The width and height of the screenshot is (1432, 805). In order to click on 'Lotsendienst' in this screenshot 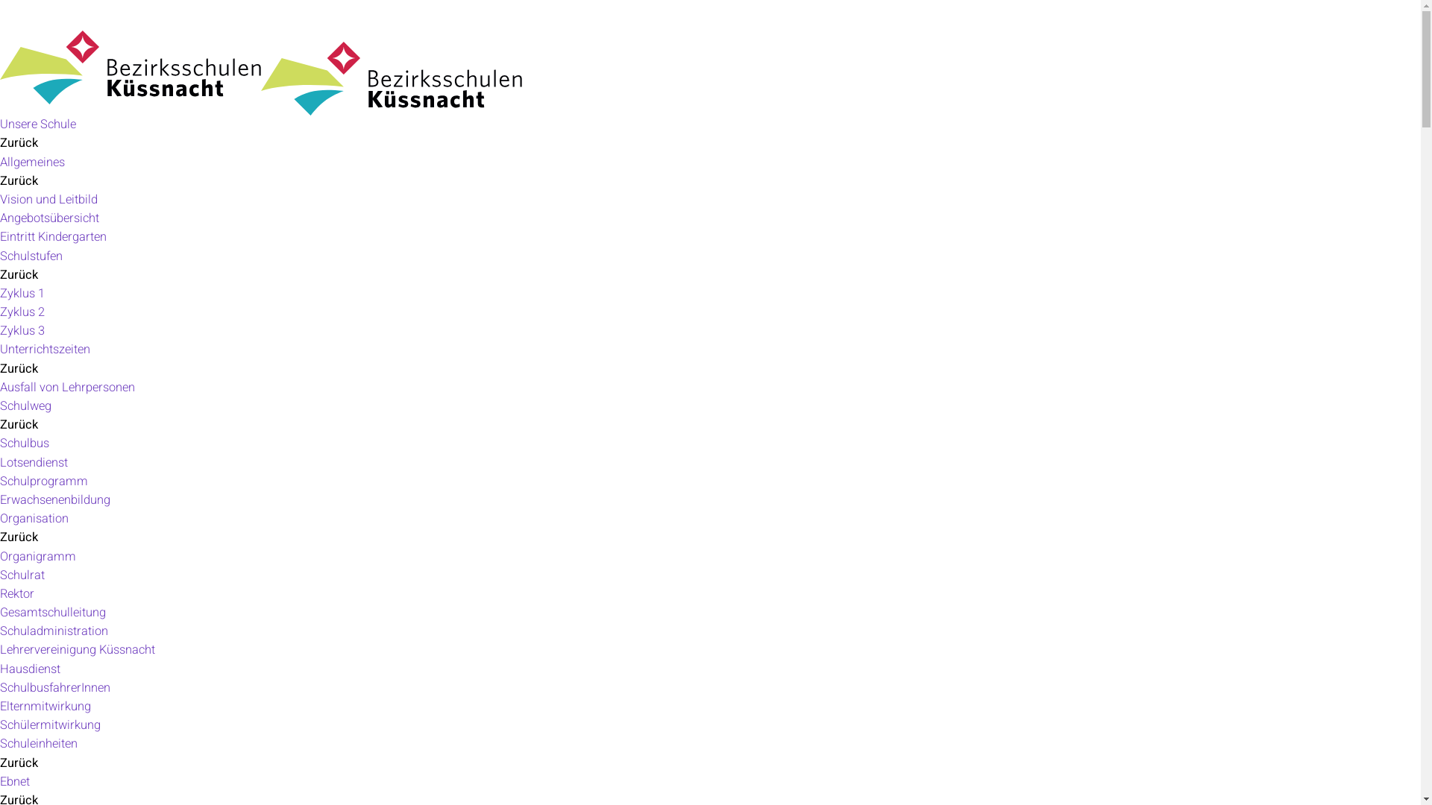, I will do `click(34, 462)`.